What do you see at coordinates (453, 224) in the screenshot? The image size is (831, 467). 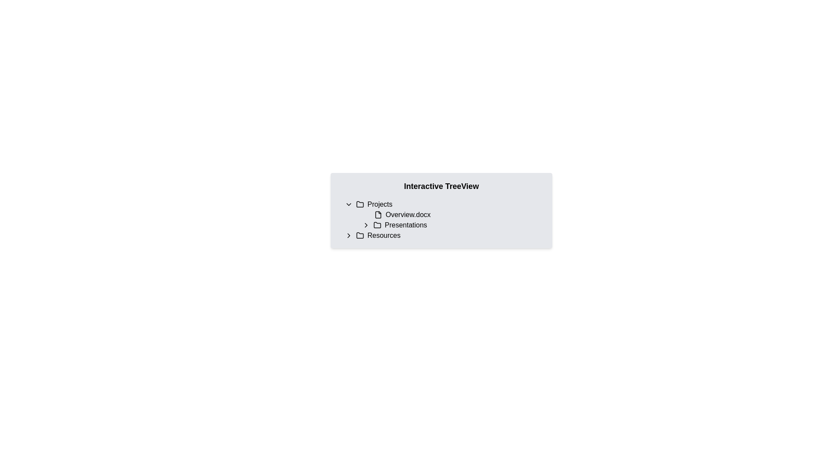 I see `the 'Presentations' tree view item` at bounding box center [453, 224].